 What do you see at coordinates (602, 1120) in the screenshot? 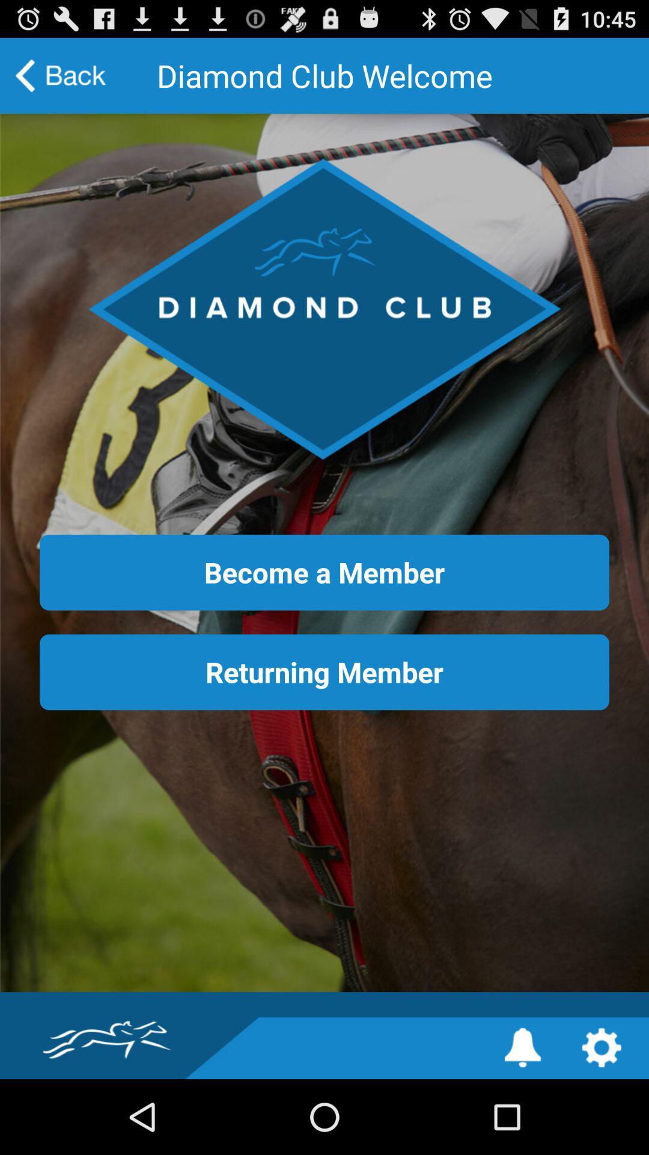
I see `the settings icon` at bounding box center [602, 1120].